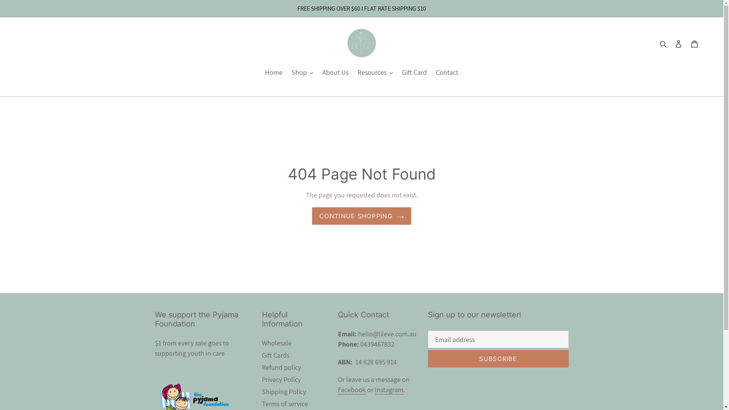  What do you see at coordinates (361, 216) in the screenshot?
I see `'CONTINUE SHOPPING'` at bounding box center [361, 216].